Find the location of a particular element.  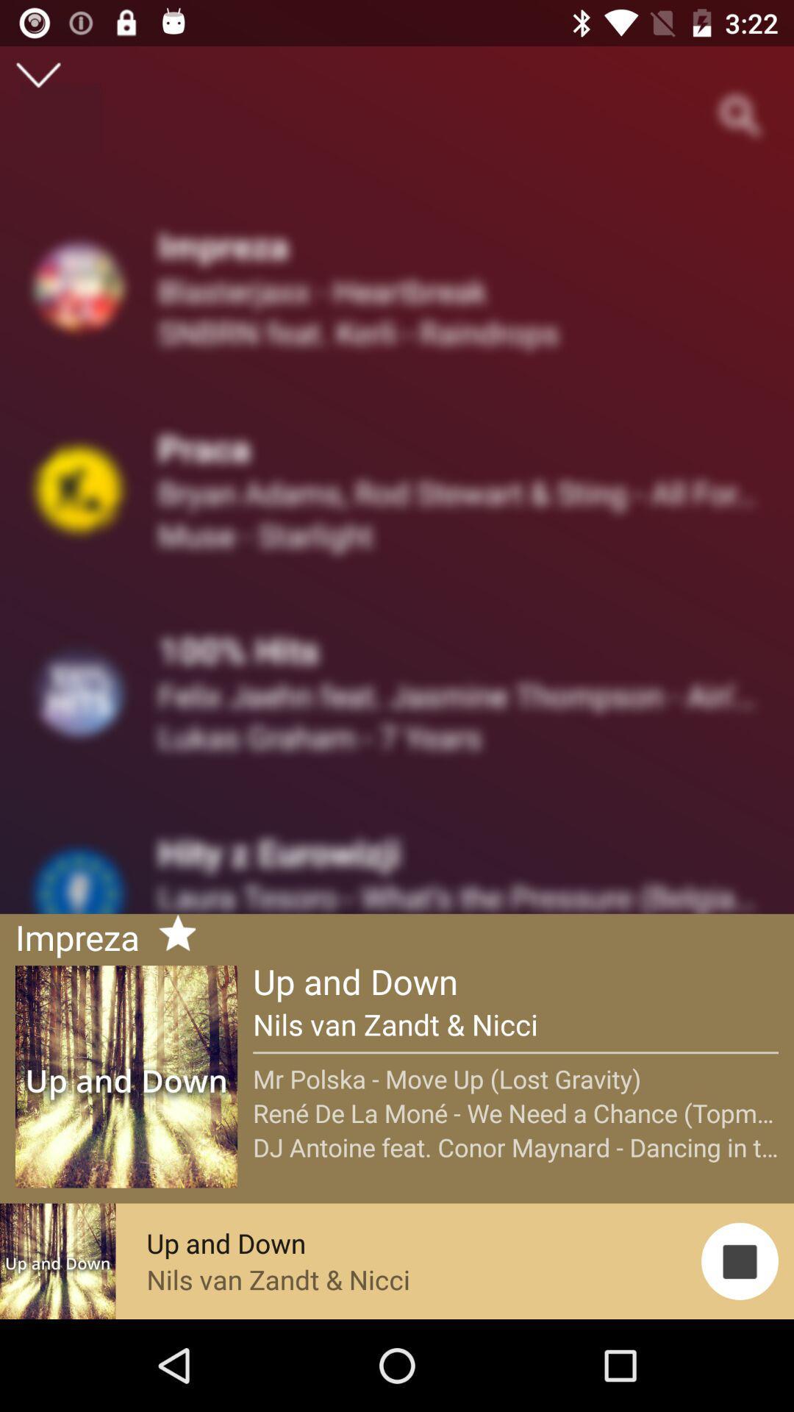

the item above impreza is located at coordinates (37, 74).